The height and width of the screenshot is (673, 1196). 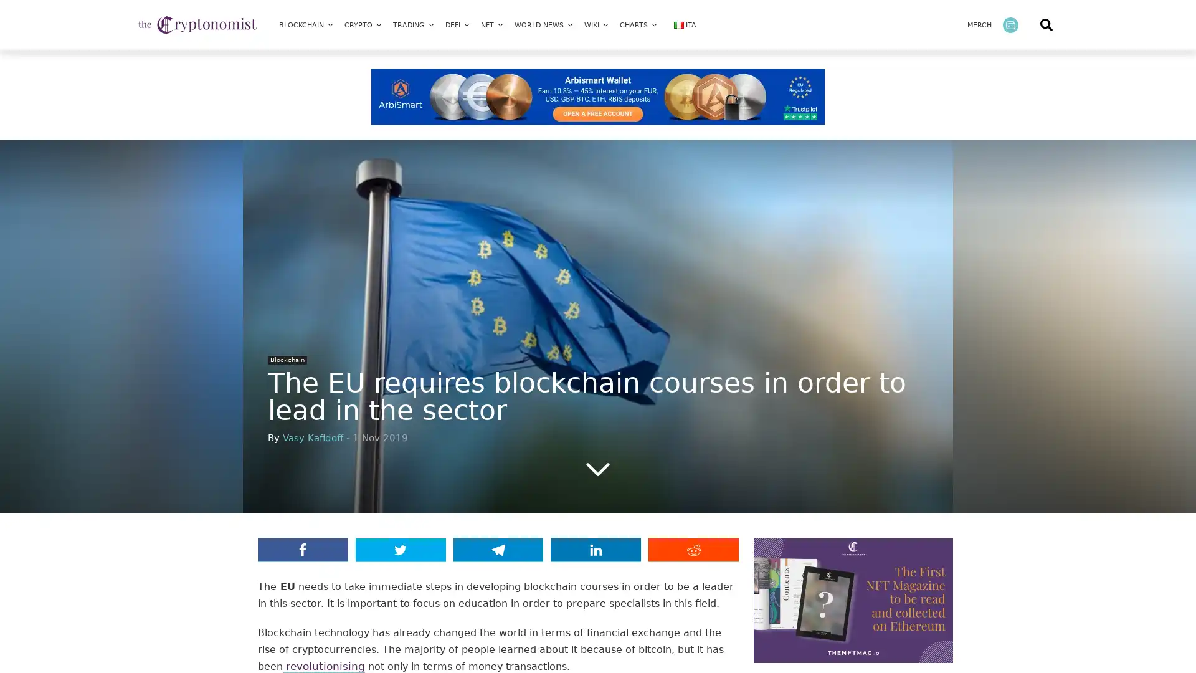 I want to click on Chevron down, so click(x=598, y=469).